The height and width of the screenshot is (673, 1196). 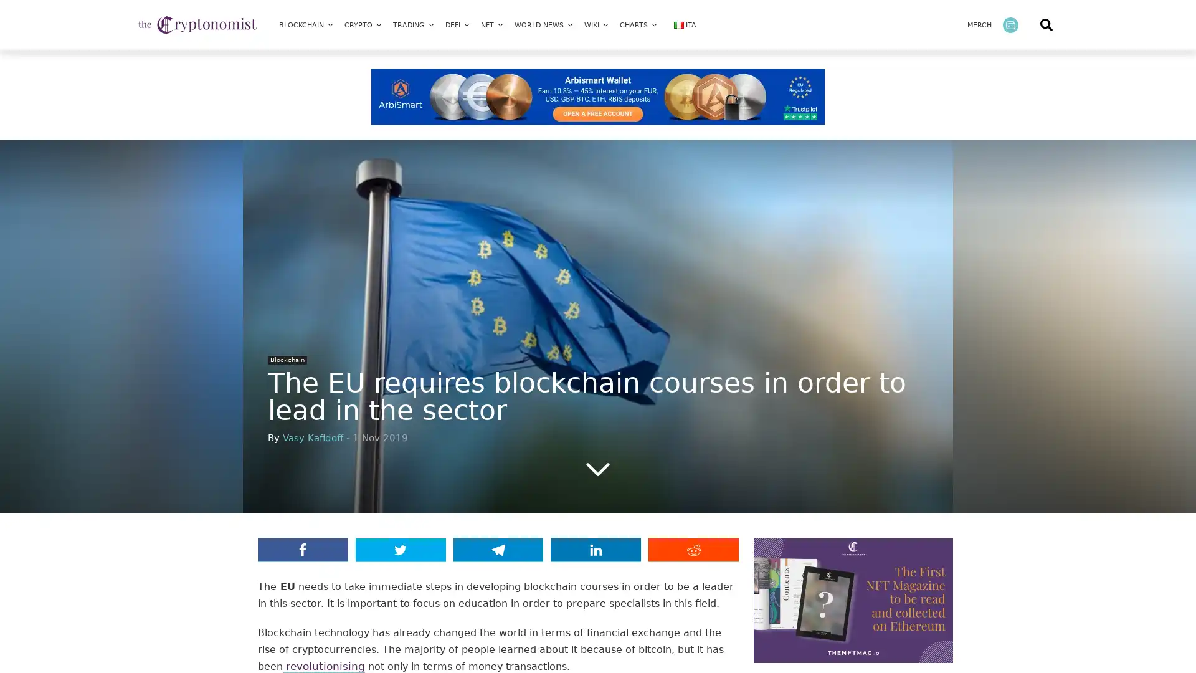 I want to click on Chevron down, so click(x=598, y=469).